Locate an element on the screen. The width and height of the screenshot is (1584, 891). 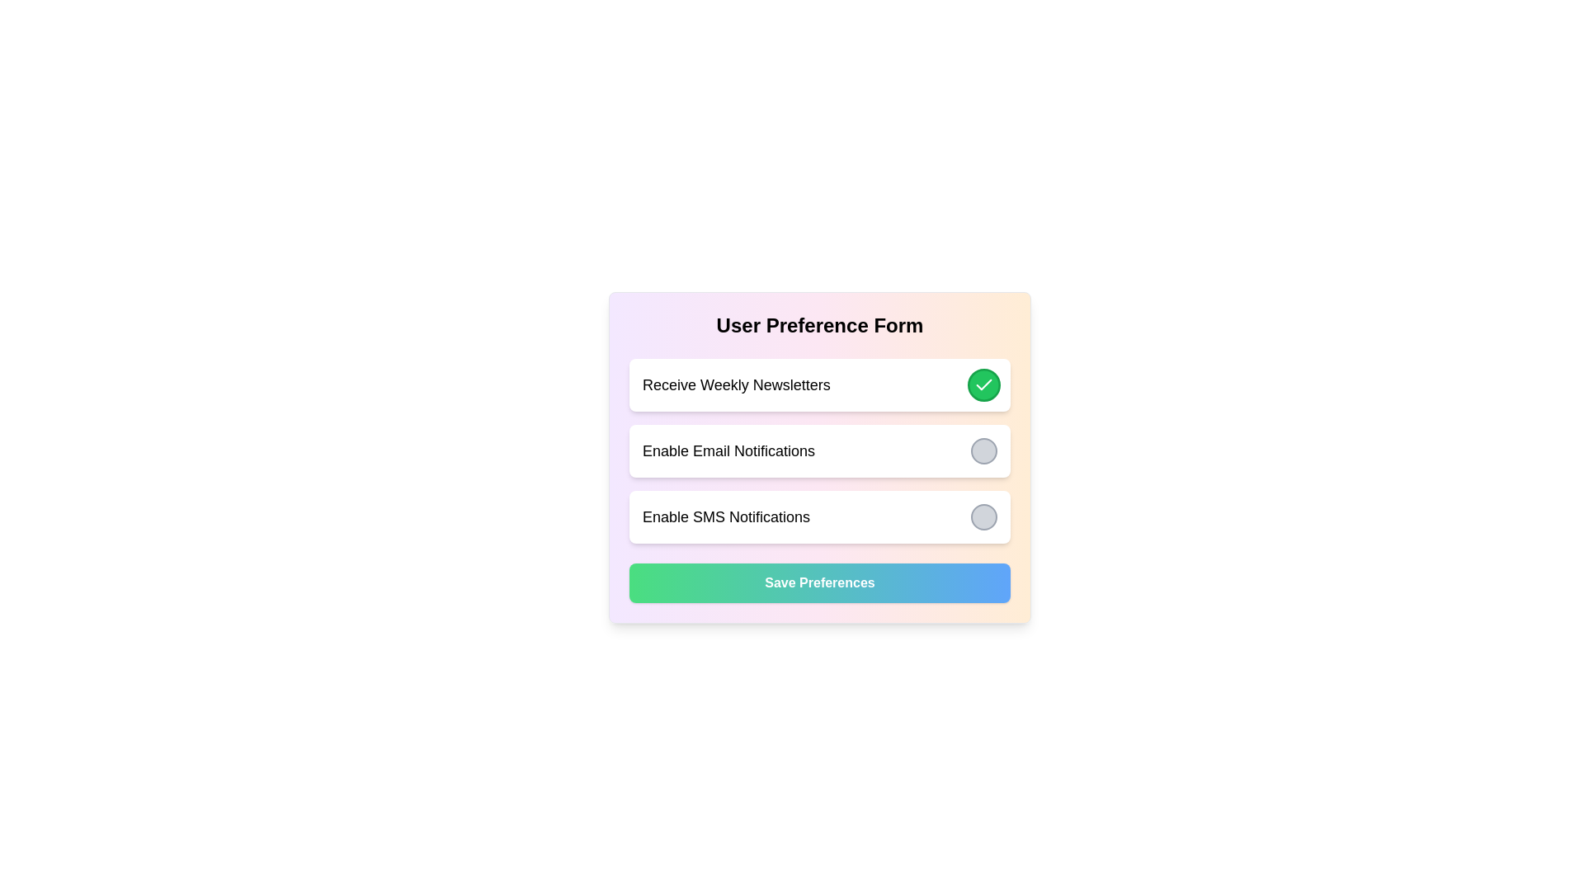
the toggle on the Selection card is located at coordinates (819, 516).